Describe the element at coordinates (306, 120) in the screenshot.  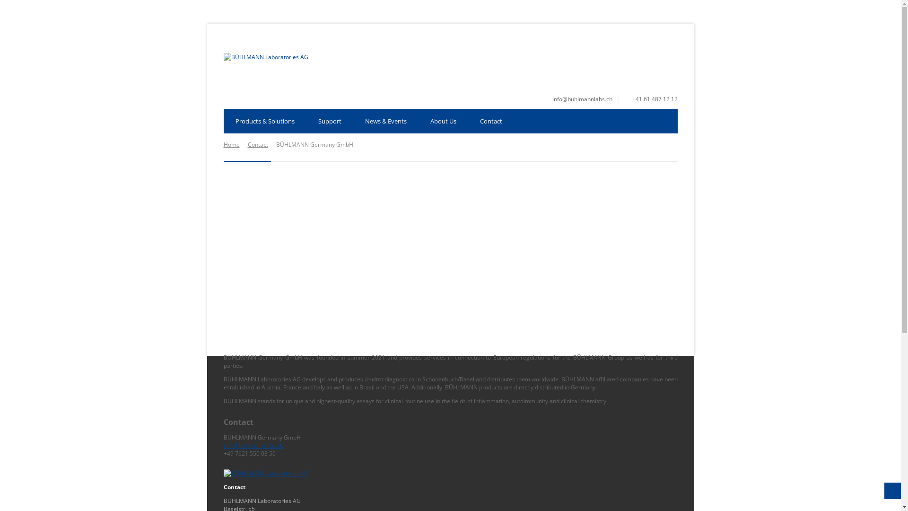
I see `'Support'` at that location.